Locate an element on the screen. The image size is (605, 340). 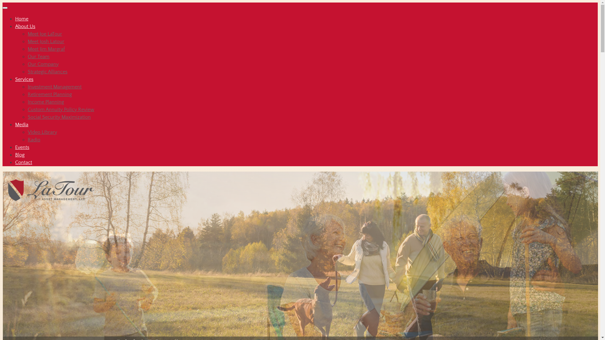
'Meet Jim Margraf' is located at coordinates (46, 48).